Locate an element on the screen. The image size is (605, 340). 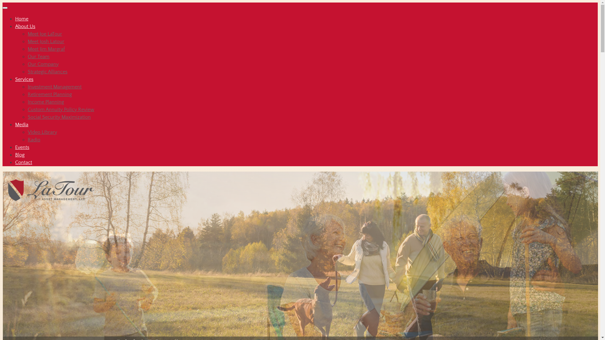
'Meet Jim Margraf' is located at coordinates (46, 48).